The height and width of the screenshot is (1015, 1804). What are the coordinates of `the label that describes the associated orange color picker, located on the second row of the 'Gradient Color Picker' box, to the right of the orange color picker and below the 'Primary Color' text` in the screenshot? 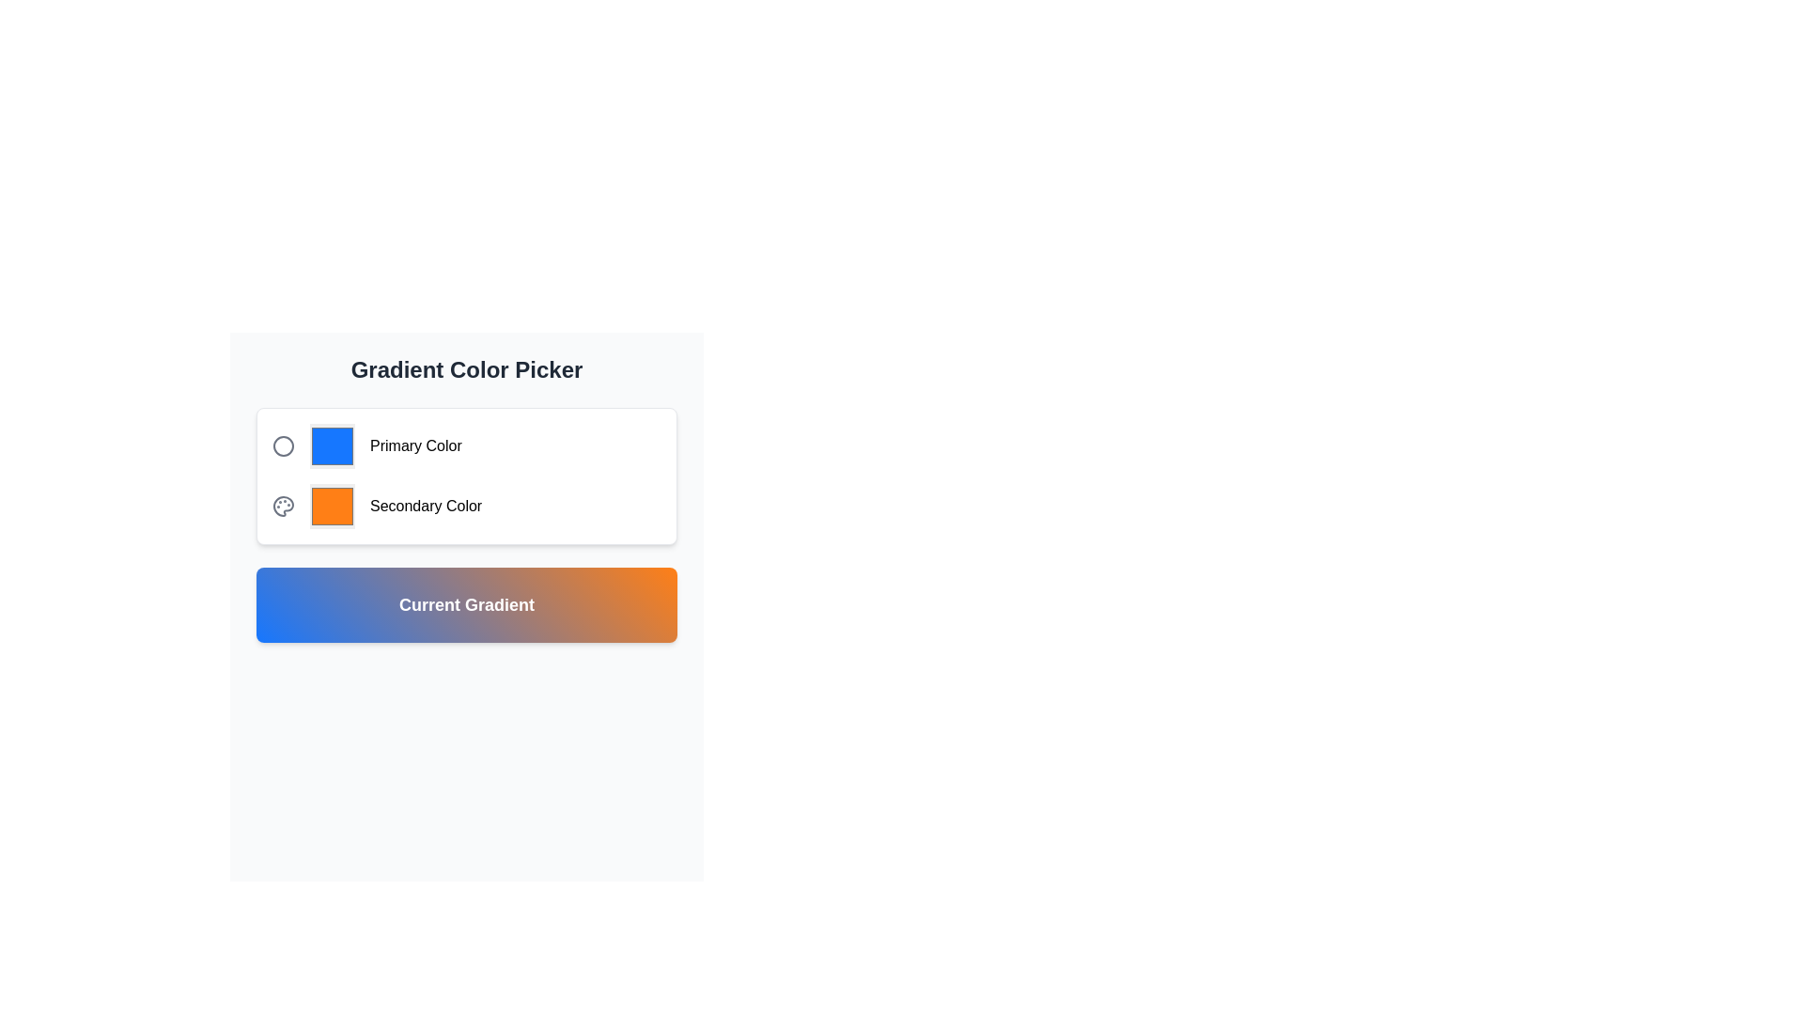 It's located at (425, 506).